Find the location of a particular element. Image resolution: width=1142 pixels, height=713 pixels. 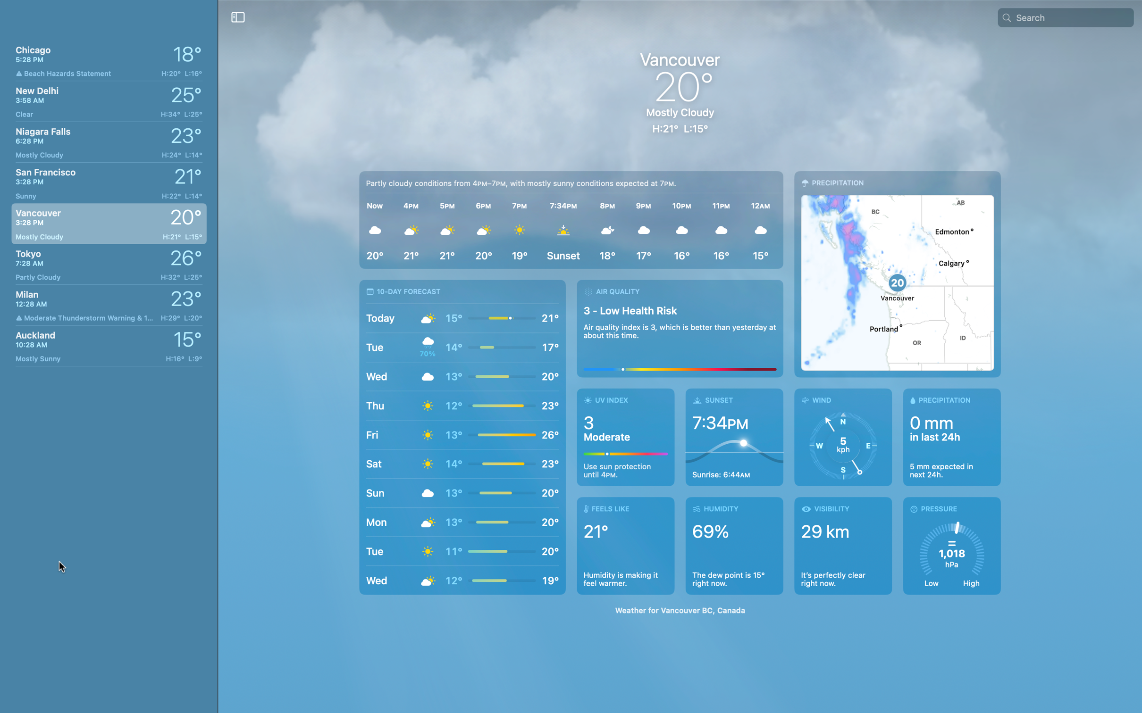

the moisture levels in Vancouver is located at coordinates (949, 438).